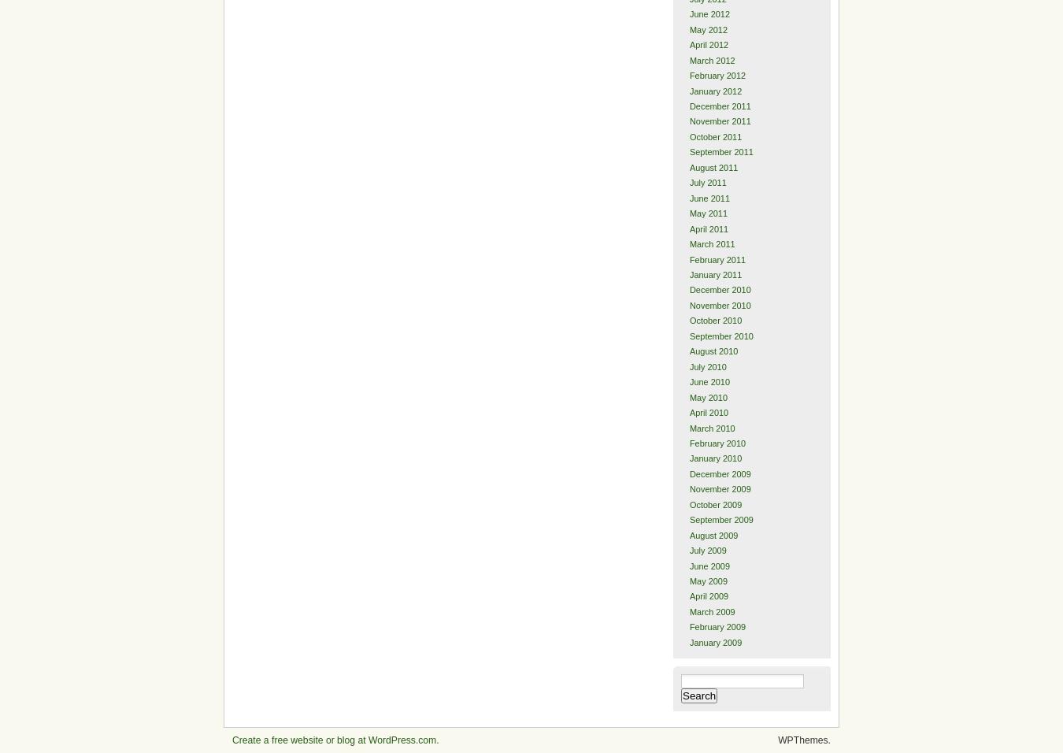  Describe the element at coordinates (709, 595) in the screenshot. I see `'April 2009'` at that location.